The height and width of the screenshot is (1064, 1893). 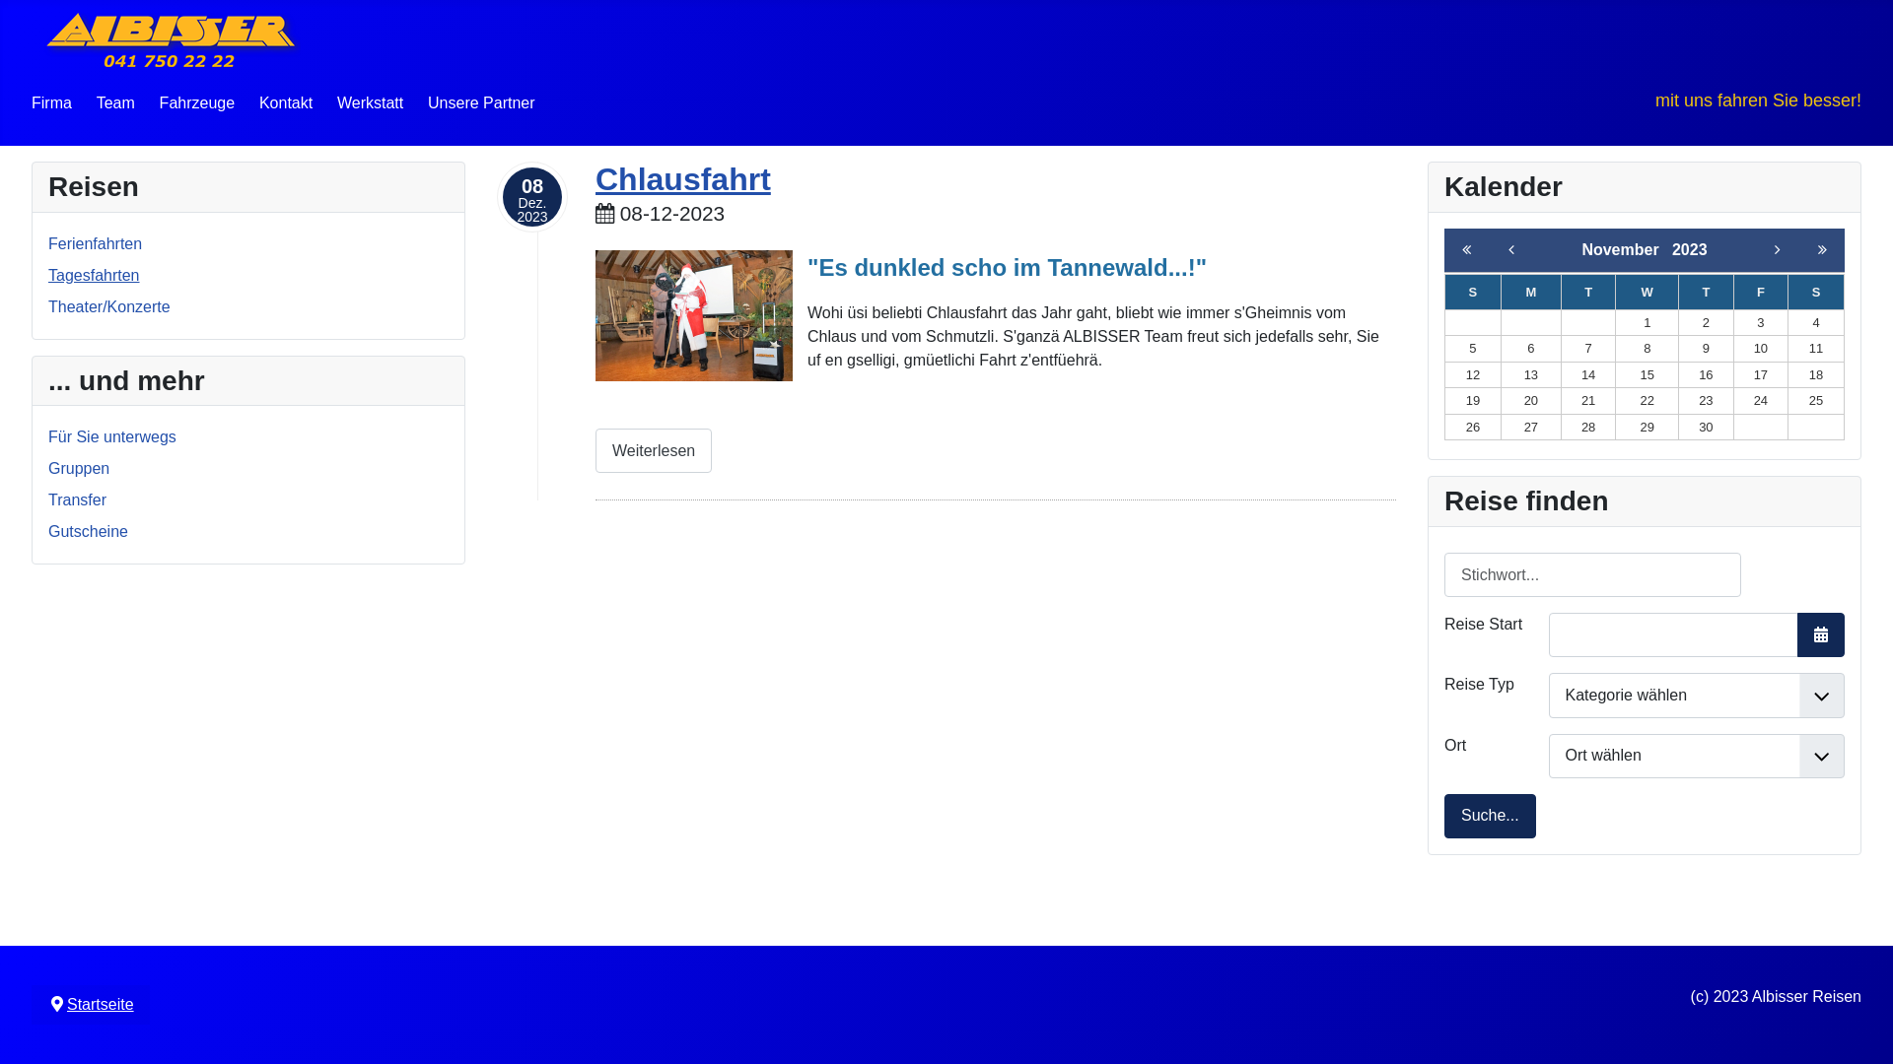 What do you see at coordinates (114, 102) in the screenshot?
I see `'Team'` at bounding box center [114, 102].